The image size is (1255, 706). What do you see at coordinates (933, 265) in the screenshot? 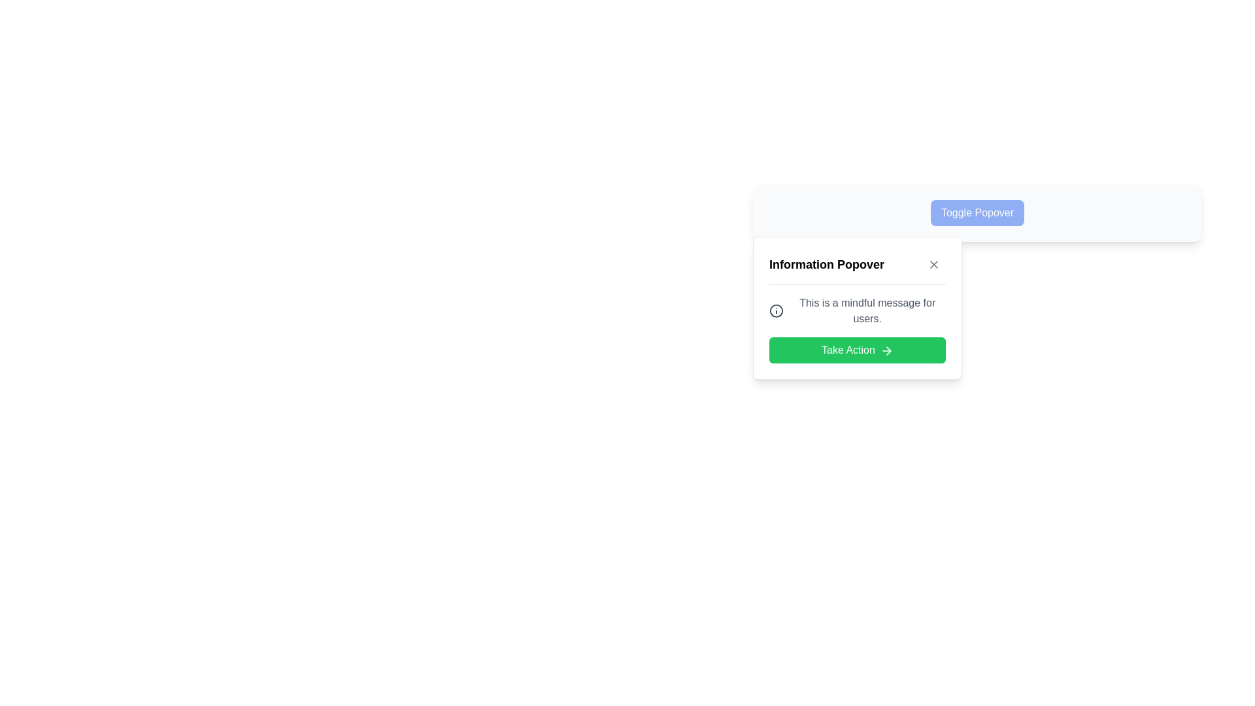
I see `the small 'X' icon button located at the top-right corner of the 'Information Popover'` at bounding box center [933, 265].